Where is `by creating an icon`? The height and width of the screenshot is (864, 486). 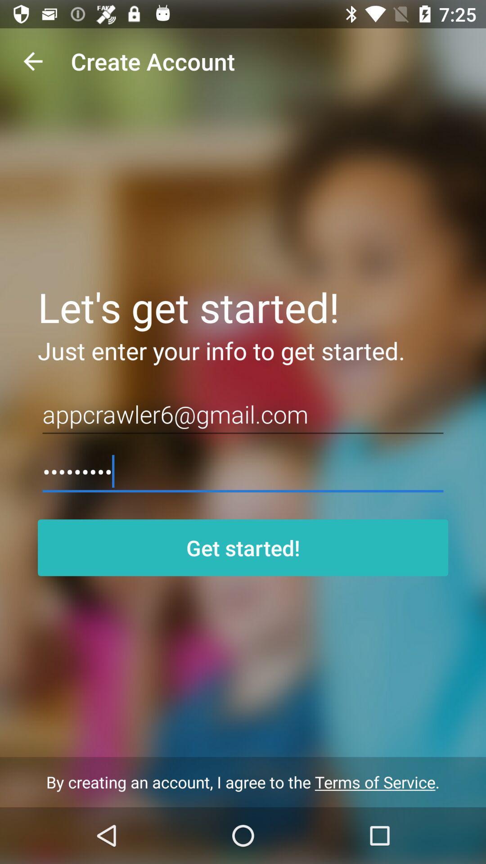
by creating an icon is located at coordinates (243, 782).